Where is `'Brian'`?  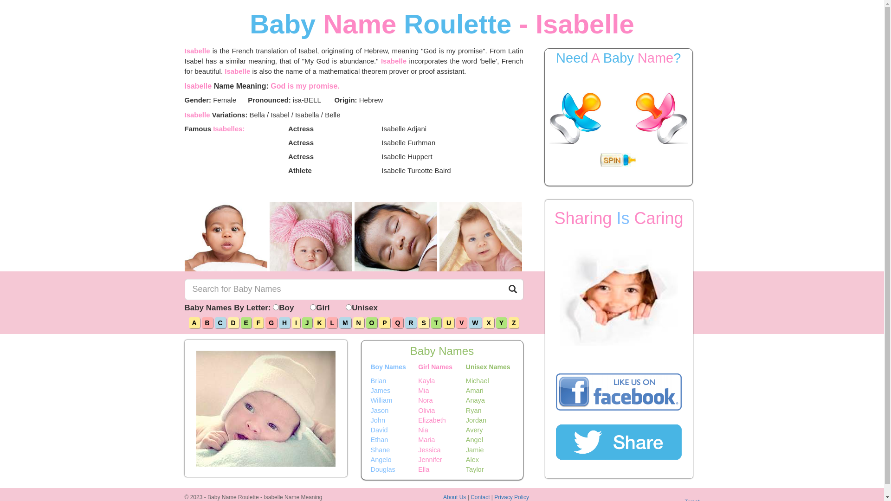 'Brian' is located at coordinates (369, 380).